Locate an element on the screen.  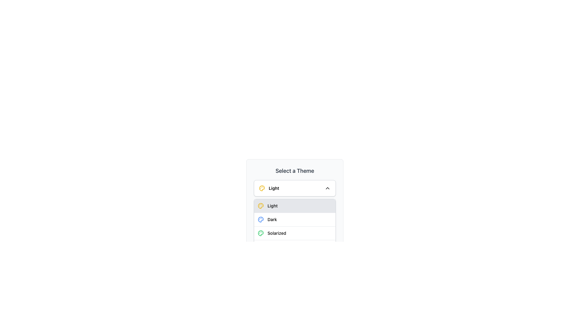
the Dropdown Button labeled 'Light' which is directly below the heading 'Select a Theme' for keyboard interaction is located at coordinates (295, 188).